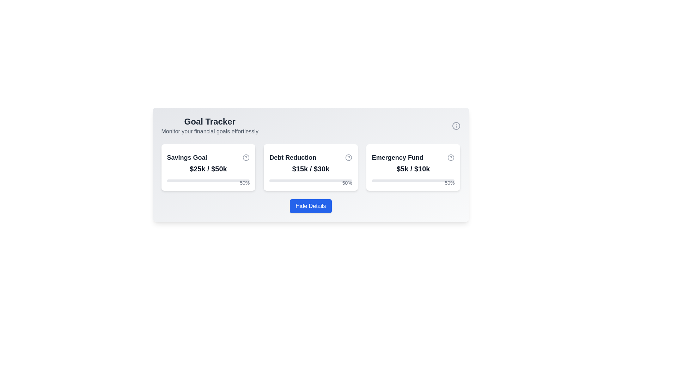 The image size is (677, 380). I want to click on progress information from the progress bar with a percentage label located in the middle card of the 'Debt Reduction' section, displaying '50%' next to the blue filled section, so click(310, 180).